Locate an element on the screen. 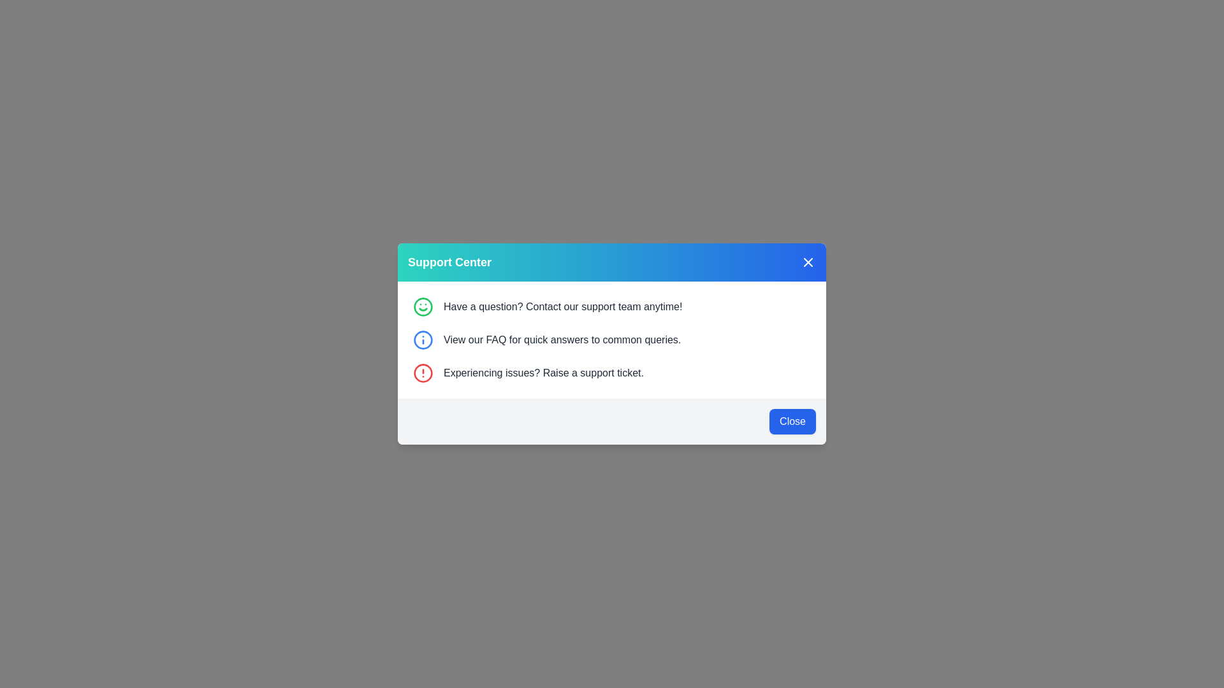 The image size is (1224, 688). the green circular graphic icon located in the center of the green smiley face icon within the 'Support Center' modal dialog is located at coordinates (423, 307).